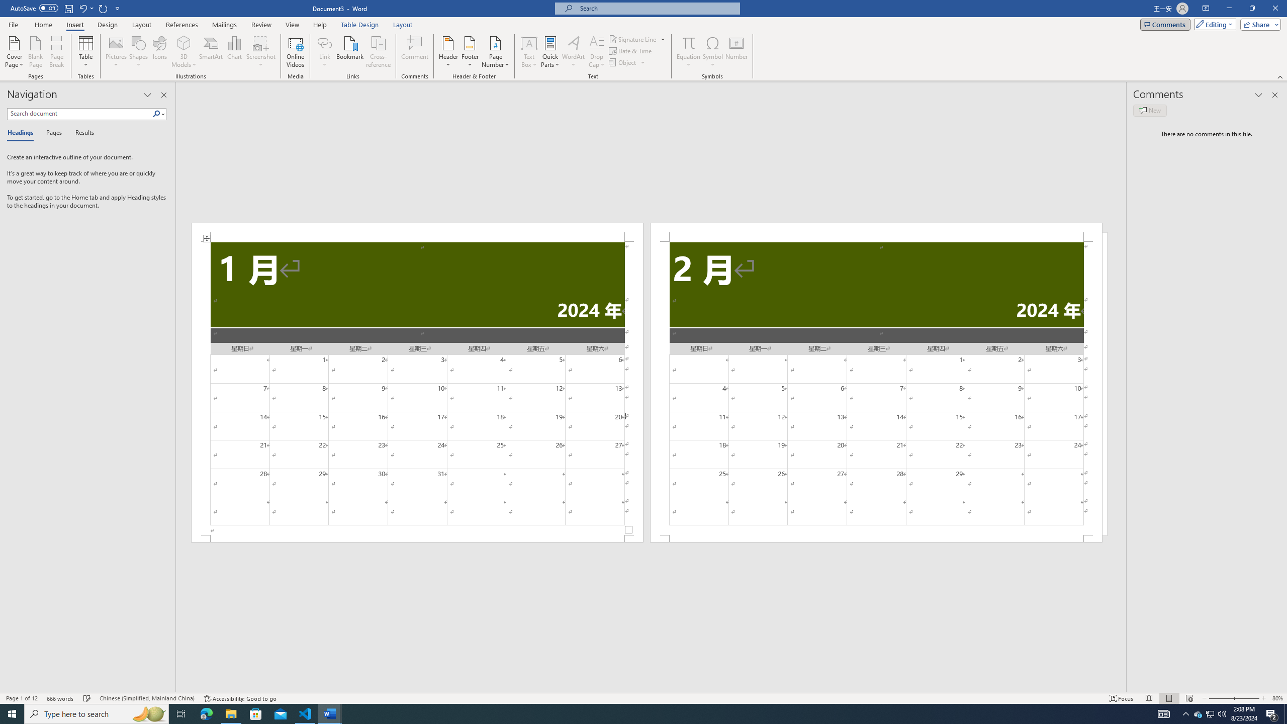 The width and height of the screenshot is (1287, 724). What do you see at coordinates (596, 52) in the screenshot?
I see `'Drop Cap'` at bounding box center [596, 52].